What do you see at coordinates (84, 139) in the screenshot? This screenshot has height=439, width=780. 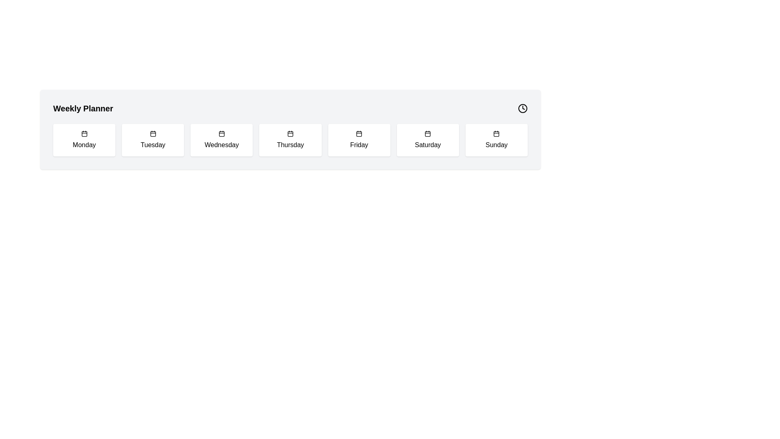 I see `the Monday button in the weekly planner interface` at bounding box center [84, 139].